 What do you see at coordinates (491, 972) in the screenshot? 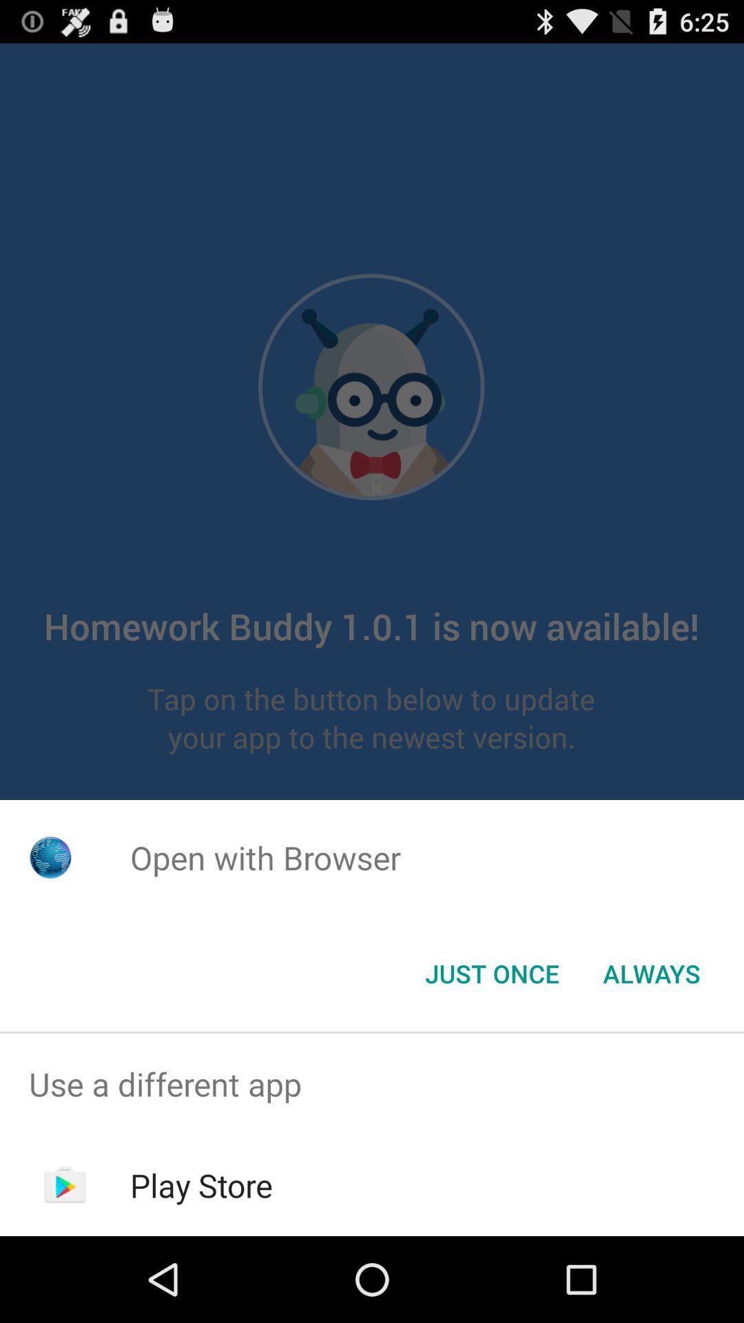
I see `the item next to the always item` at bounding box center [491, 972].